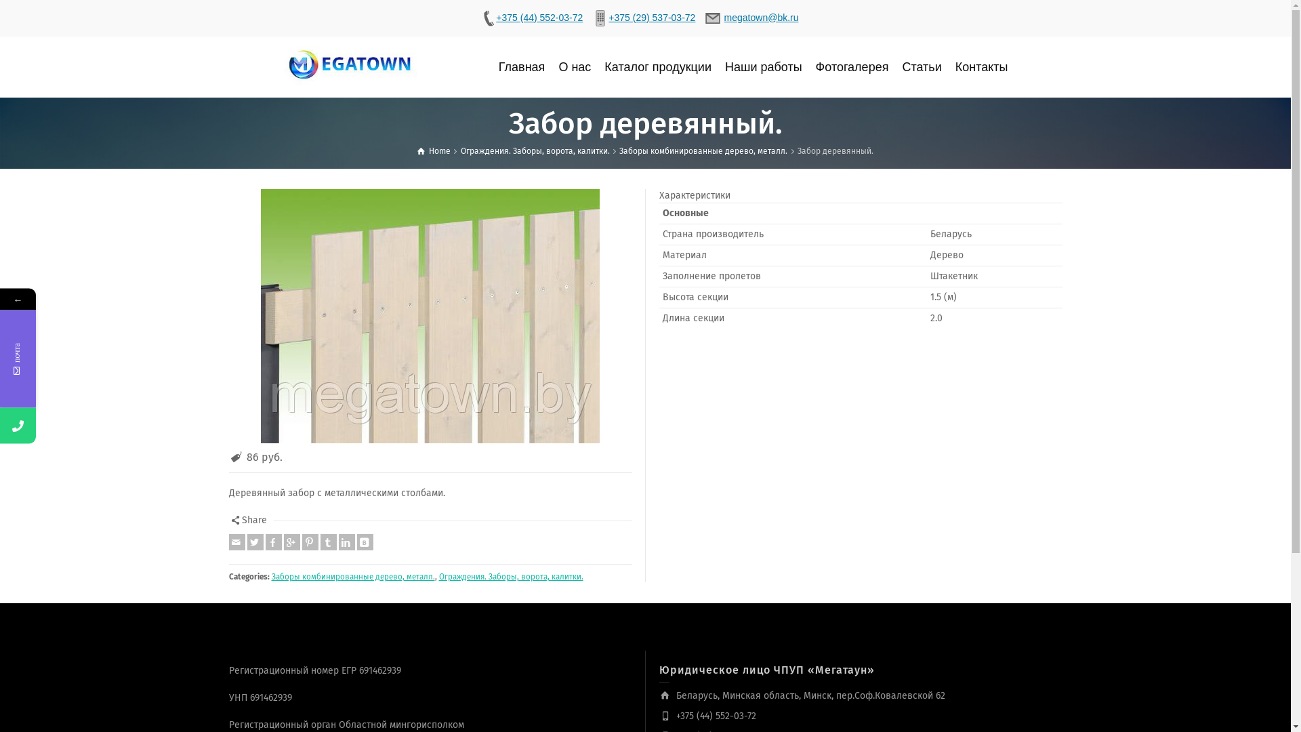 The width and height of the screenshot is (1301, 732). Describe the element at coordinates (81, 425) in the screenshot. I see `'Phone'` at that location.